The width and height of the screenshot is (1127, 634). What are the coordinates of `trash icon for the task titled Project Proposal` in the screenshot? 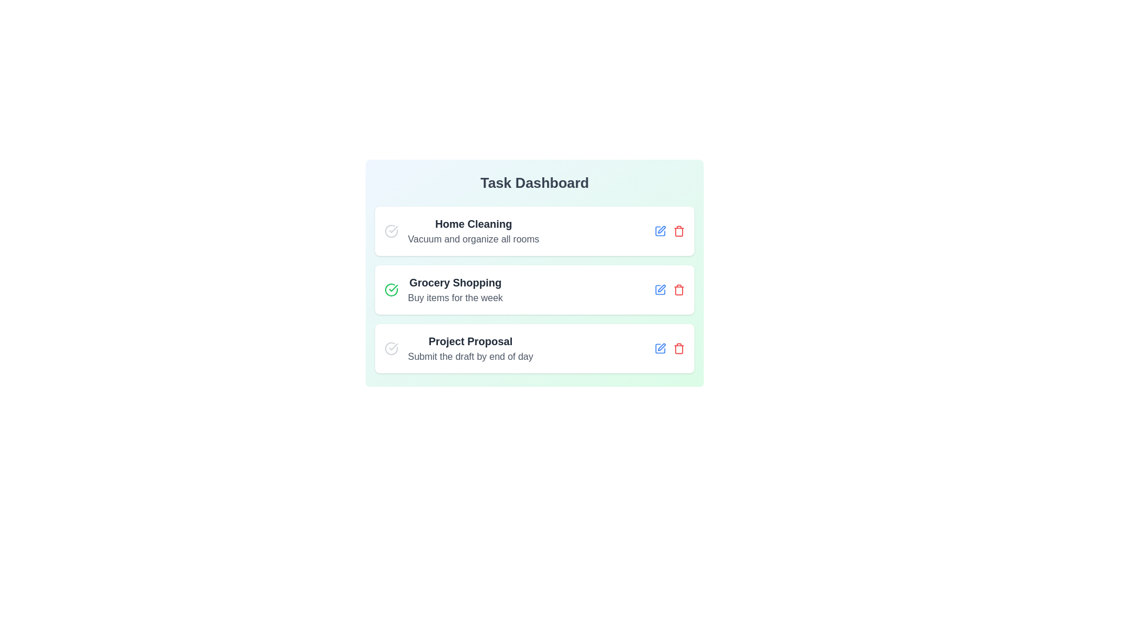 It's located at (679, 348).